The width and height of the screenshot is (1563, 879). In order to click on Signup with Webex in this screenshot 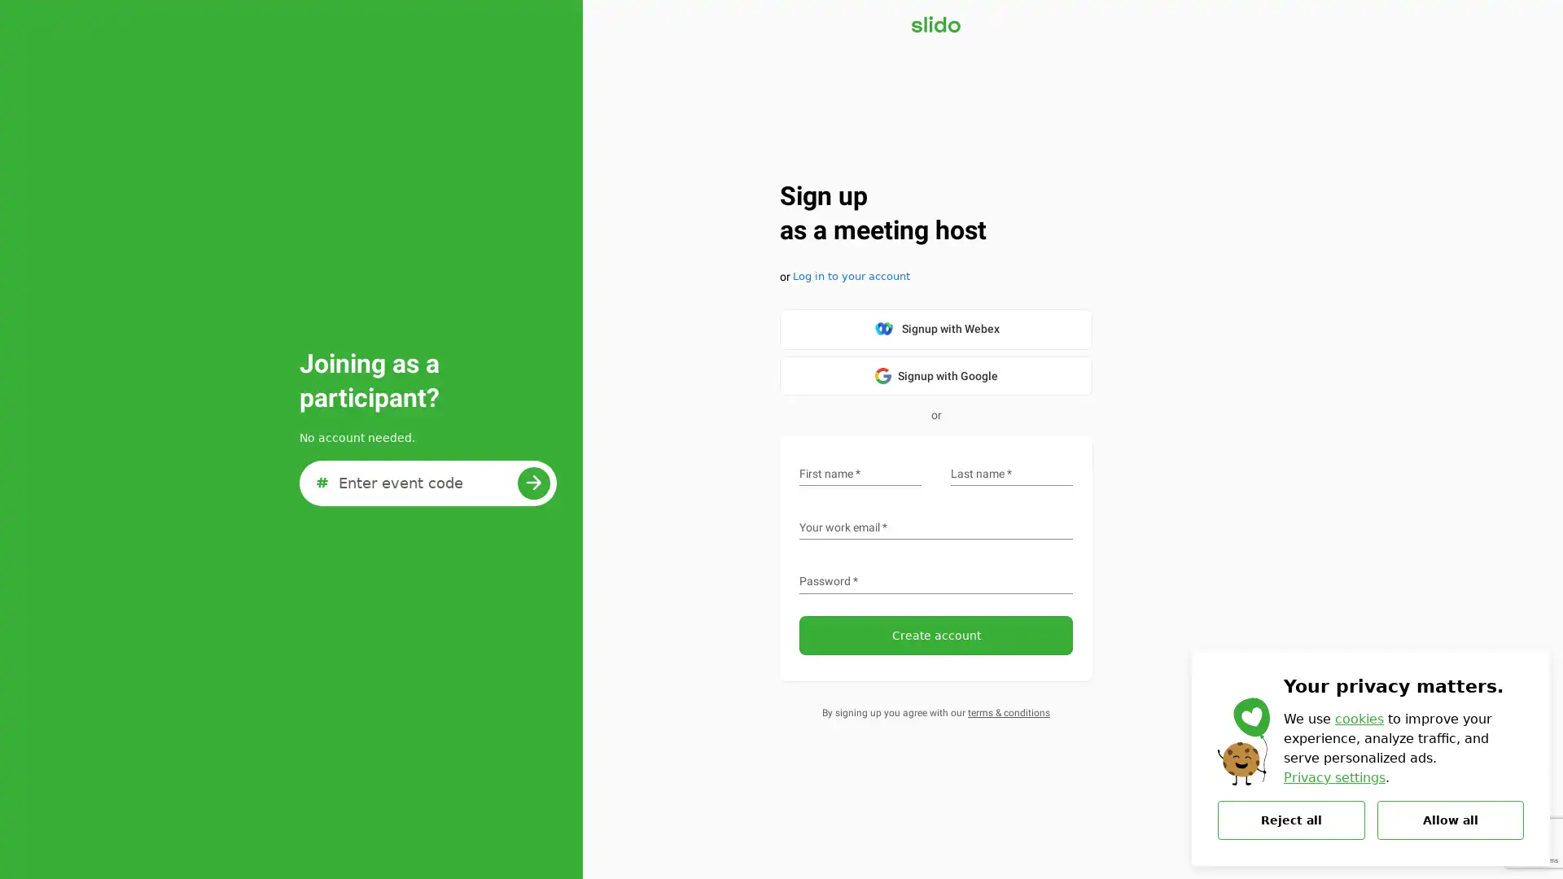, I will do `click(936, 329)`.